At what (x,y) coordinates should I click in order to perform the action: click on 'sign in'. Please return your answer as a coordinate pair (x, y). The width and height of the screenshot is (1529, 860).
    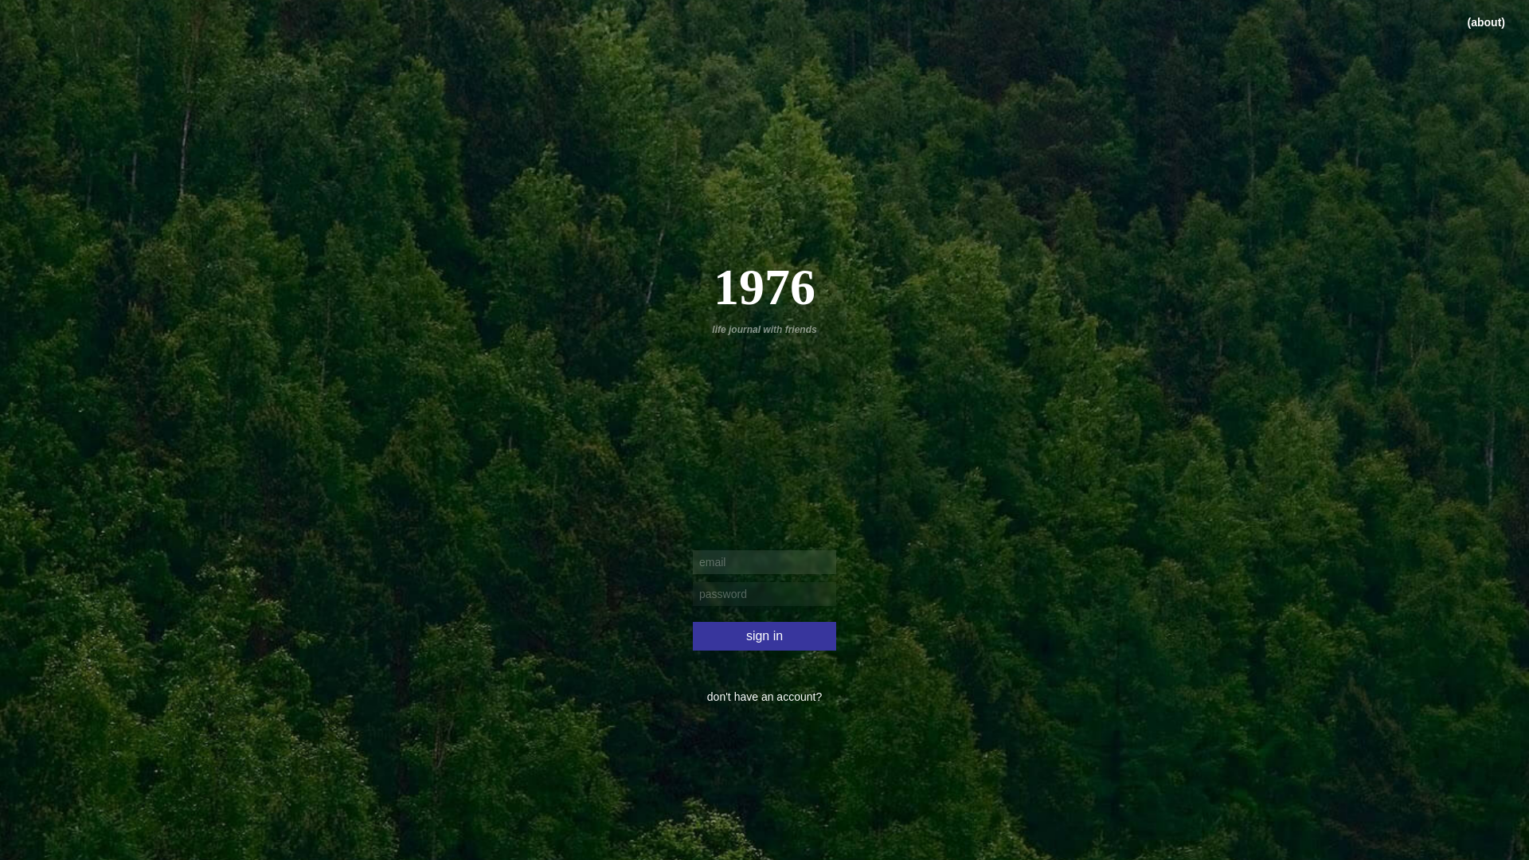
    Looking at the image, I should click on (764, 635).